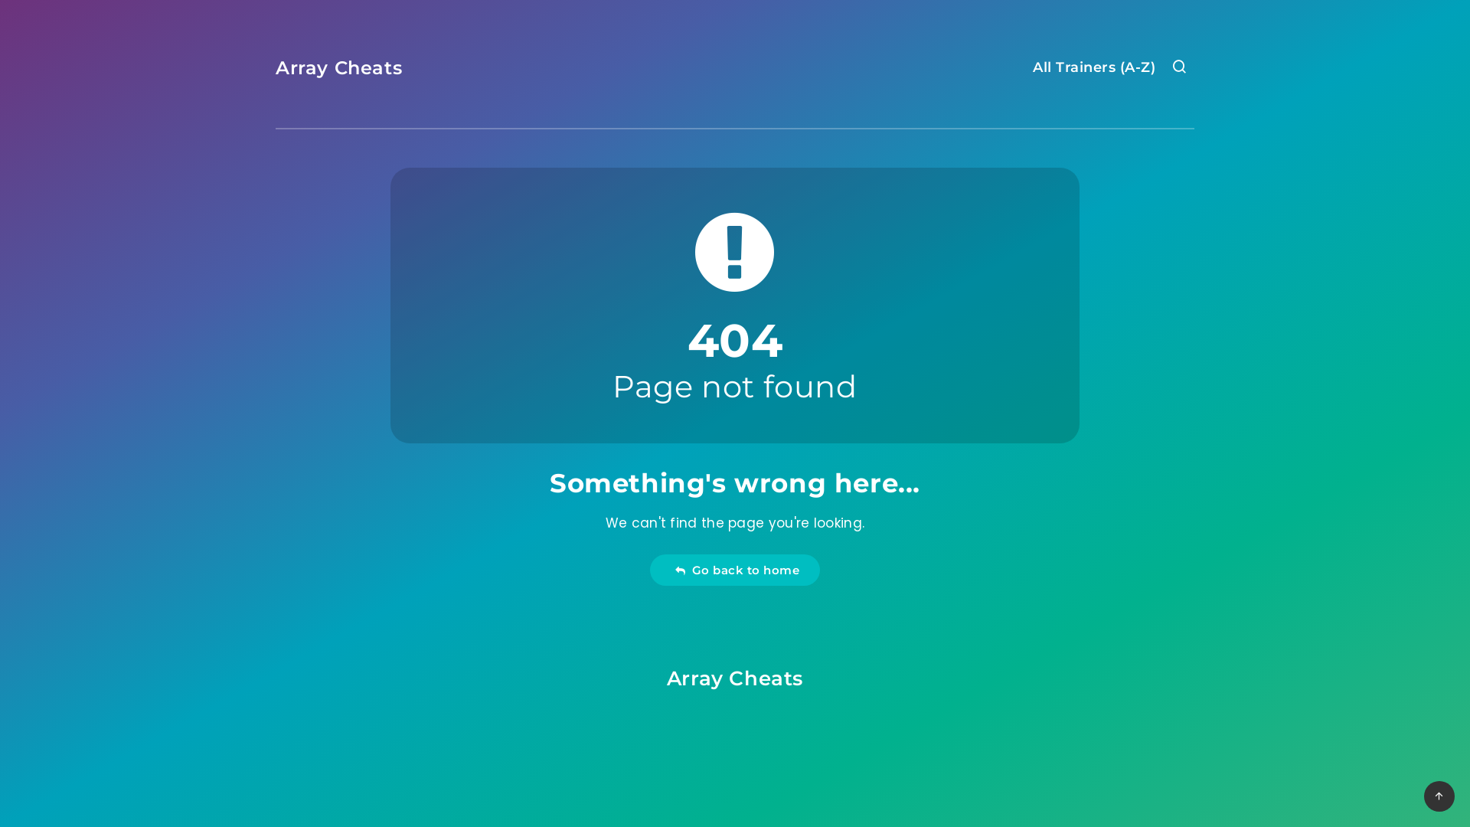  What do you see at coordinates (338, 67) in the screenshot?
I see `'Array Cheats'` at bounding box center [338, 67].